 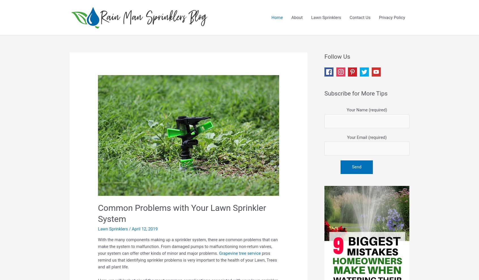 What do you see at coordinates (366, 109) in the screenshot?
I see `'Your Name (required)'` at bounding box center [366, 109].